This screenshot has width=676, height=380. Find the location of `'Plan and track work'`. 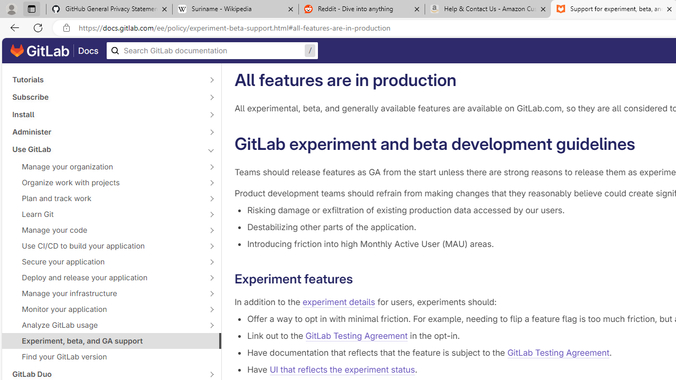

'Plan and track work' is located at coordinates (106, 198).